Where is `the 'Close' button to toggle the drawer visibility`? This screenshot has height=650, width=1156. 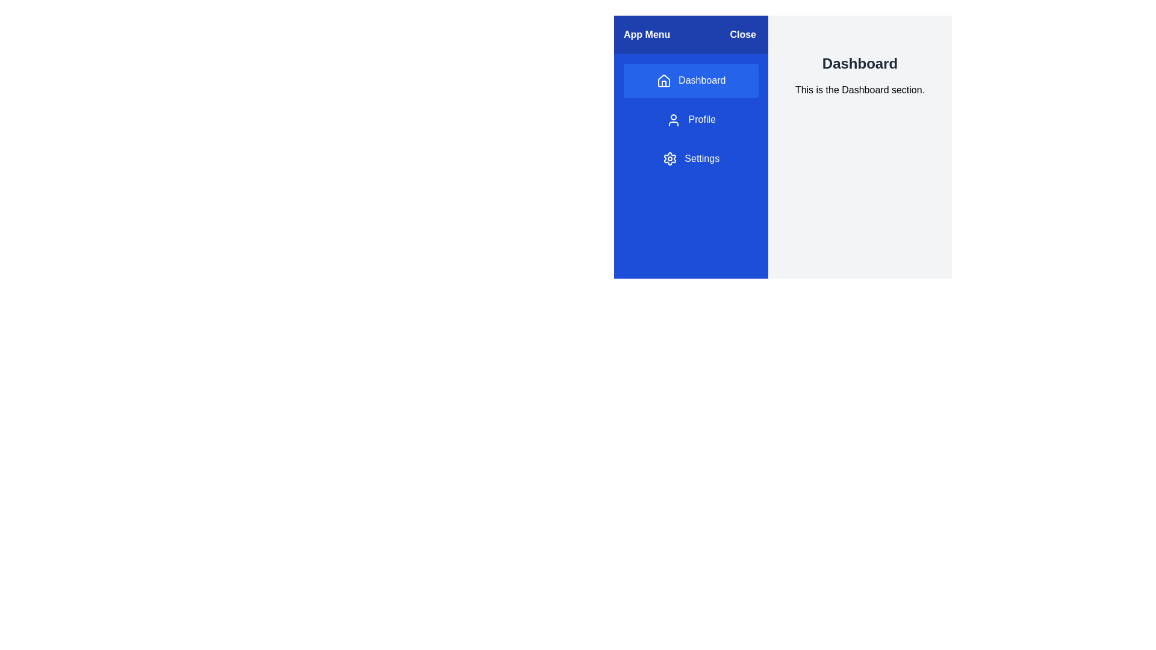 the 'Close' button to toggle the drawer visibility is located at coordinates (742, 34).